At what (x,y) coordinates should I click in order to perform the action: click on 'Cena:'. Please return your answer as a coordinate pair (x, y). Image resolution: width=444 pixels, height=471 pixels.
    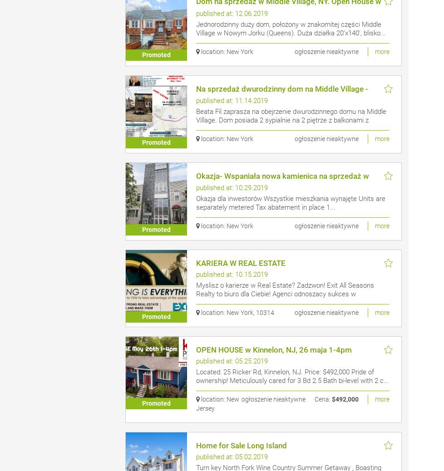
    Looking at the image, I should click on (322, 399).